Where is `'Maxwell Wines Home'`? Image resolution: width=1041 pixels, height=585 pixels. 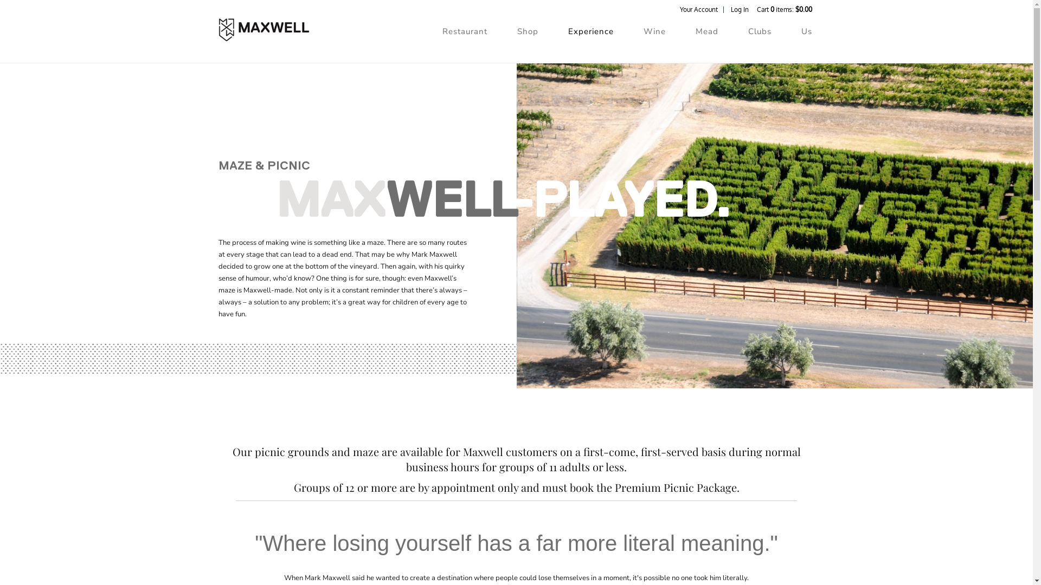 'Maxwell Wines Home' is located at coordinates (264, 32).